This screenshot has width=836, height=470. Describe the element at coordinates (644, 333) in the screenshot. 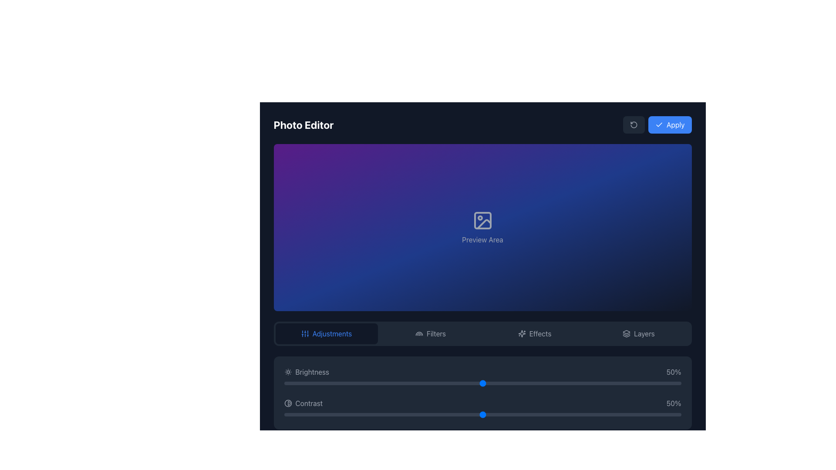

I see `the 'Layers' text label or button located on the rightmost side of the menu bar, following the 'Effects' label` at that location.